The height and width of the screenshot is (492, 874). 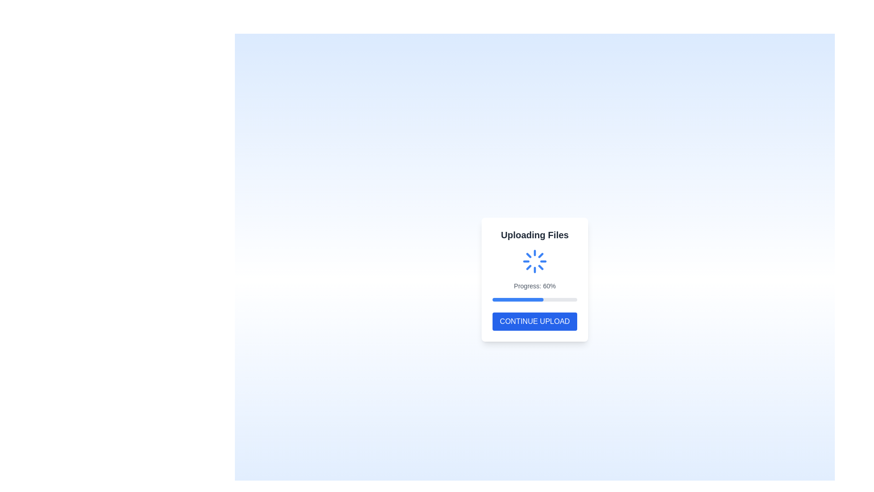 What do you see at coordinates (531, 268) in the screenshot?
I see `the second line segment of the loading spinner located in the top-right quadrant of the spinner` at bounding box center [531, 268].